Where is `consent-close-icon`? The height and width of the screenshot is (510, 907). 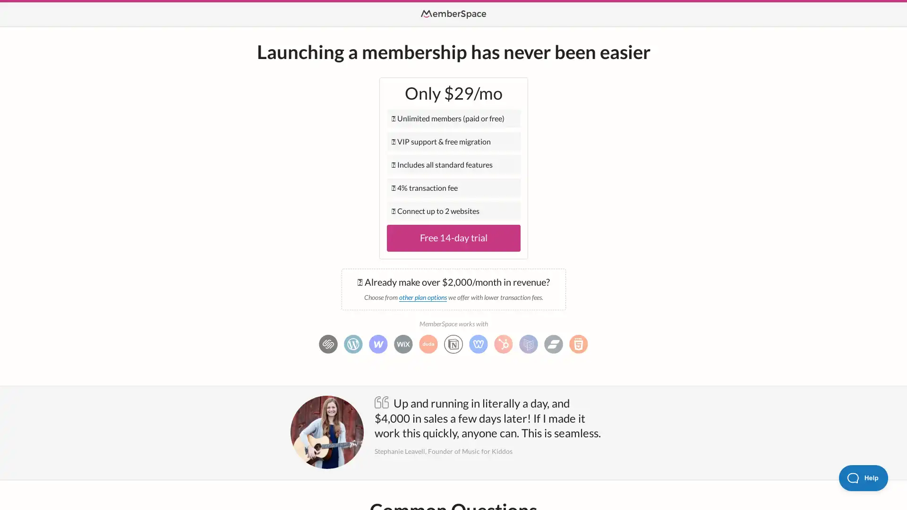
consent-close-icon is located at coordinates (222, 367).